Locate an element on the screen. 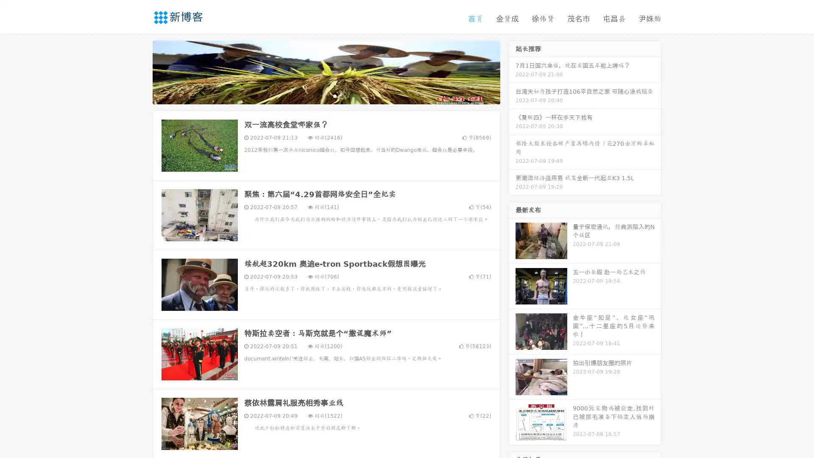 Image resolution: width=814 pixels, height=458 pixels. Go to slide 1 is located at coordinates (317, 95).